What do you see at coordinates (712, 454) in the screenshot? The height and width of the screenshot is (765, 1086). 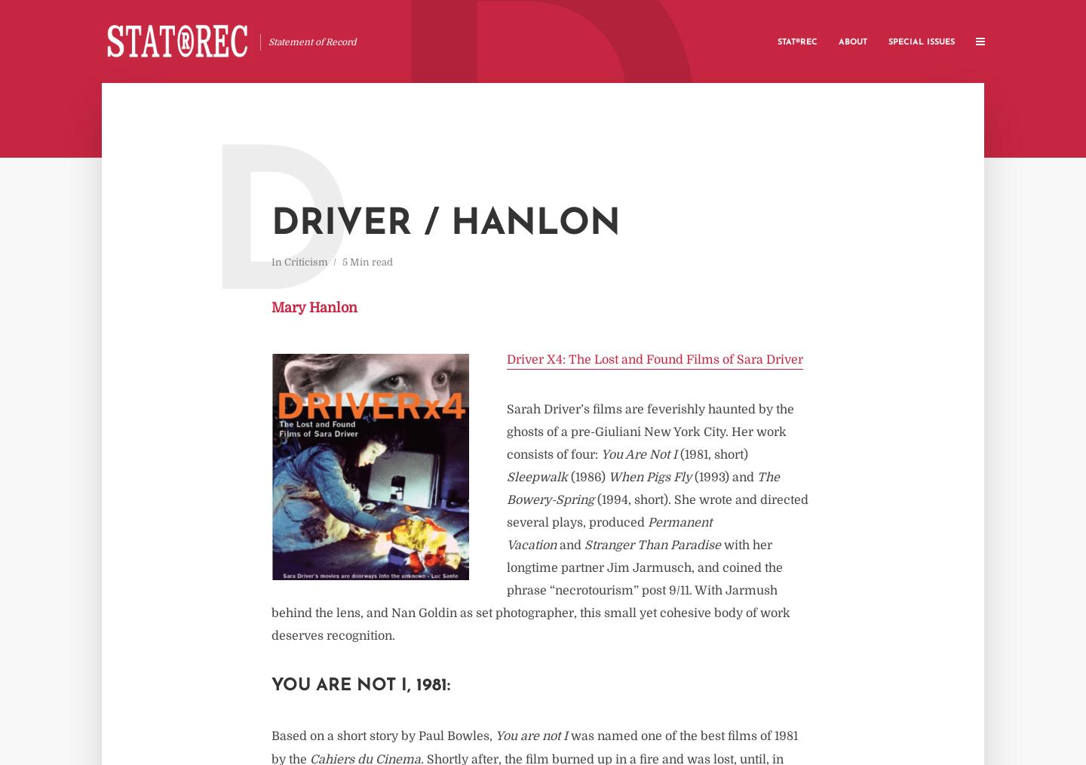 I see `'(1981, short)'` at bounding box center [712, 454].